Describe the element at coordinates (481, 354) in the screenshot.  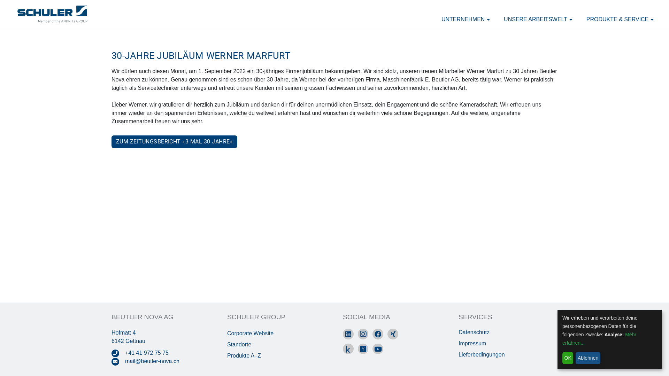
I see `'Lieferbedingungen'` at that location.